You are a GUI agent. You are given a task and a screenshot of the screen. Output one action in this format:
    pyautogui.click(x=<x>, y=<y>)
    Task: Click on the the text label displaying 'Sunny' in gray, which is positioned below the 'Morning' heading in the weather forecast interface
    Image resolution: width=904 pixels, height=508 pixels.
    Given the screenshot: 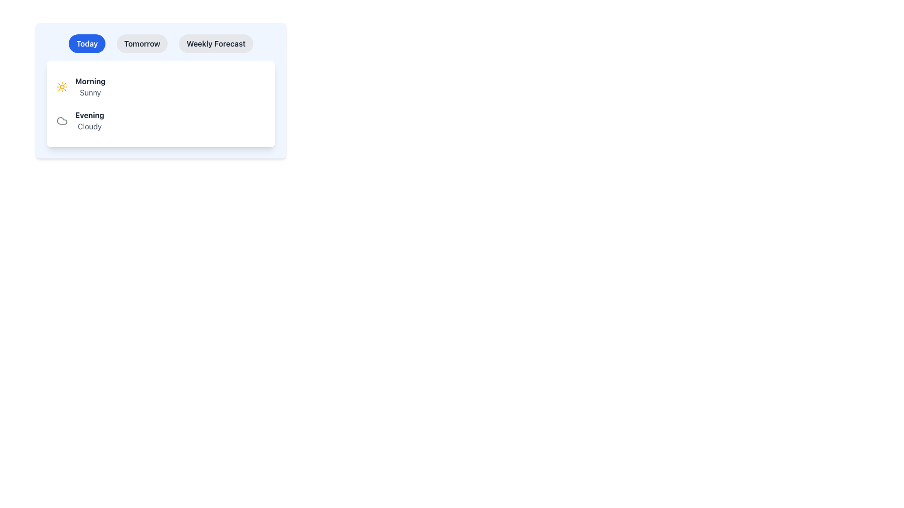 What is the action you would take?
    pyautogui.click(x=90, y=92)
    